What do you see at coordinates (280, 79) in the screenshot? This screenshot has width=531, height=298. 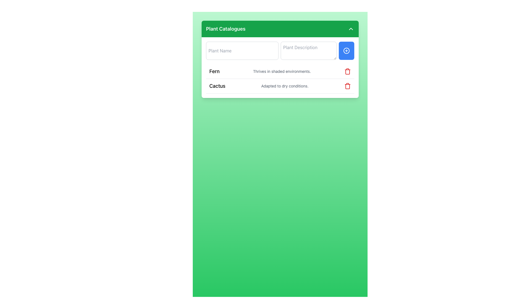 I see `on the first plant entry in the list` at bounding box center [280, 79].